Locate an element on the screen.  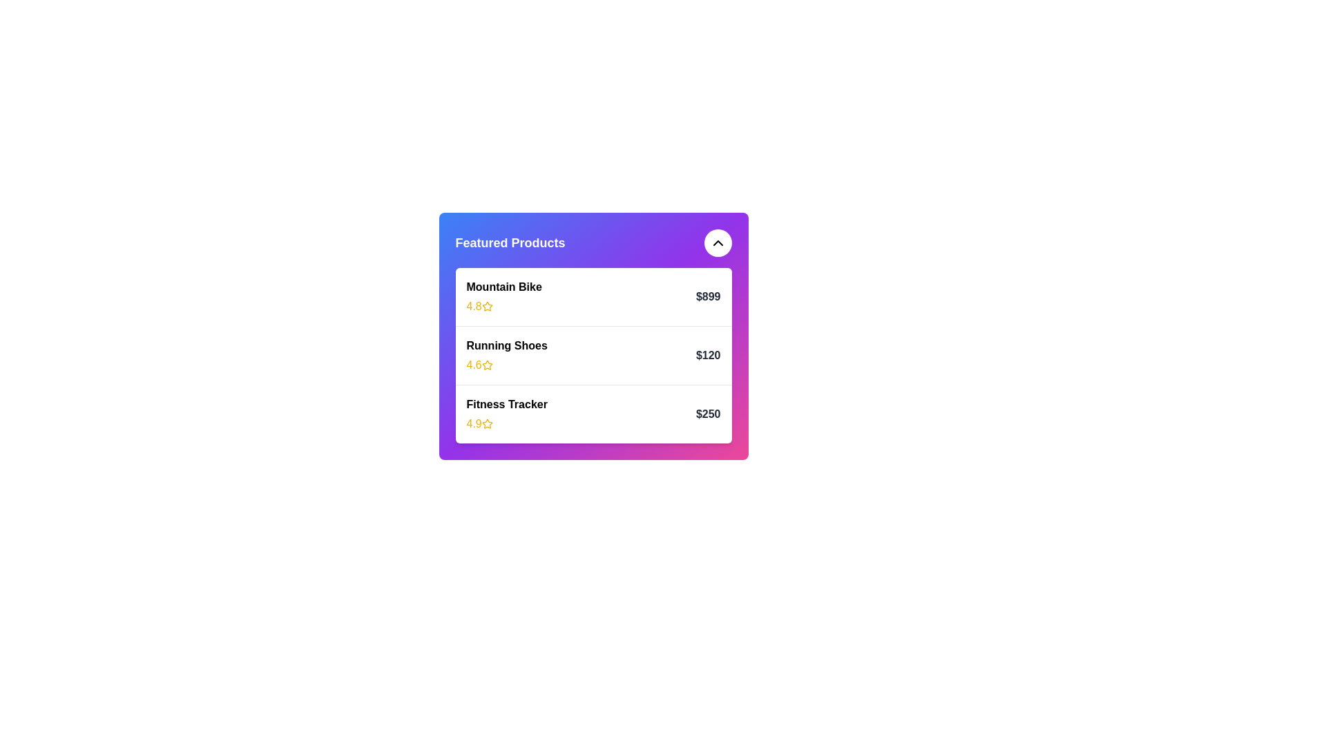
the text label indicating the price of the 'Fitness Tracker' product is located at coordinates (708, 414).